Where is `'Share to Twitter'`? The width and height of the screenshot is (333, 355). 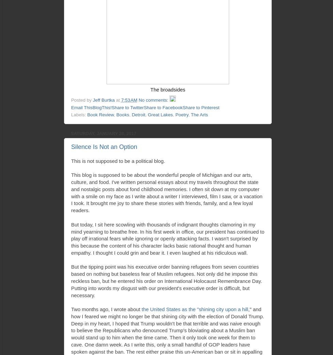
'Share to Twitter' is located at coordinates (127, 107).